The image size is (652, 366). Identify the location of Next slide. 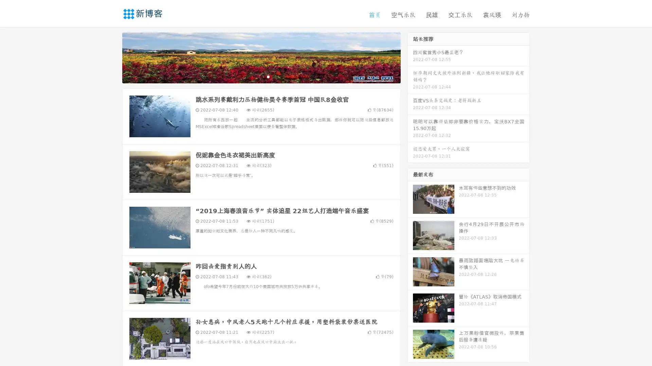
(410, 57).